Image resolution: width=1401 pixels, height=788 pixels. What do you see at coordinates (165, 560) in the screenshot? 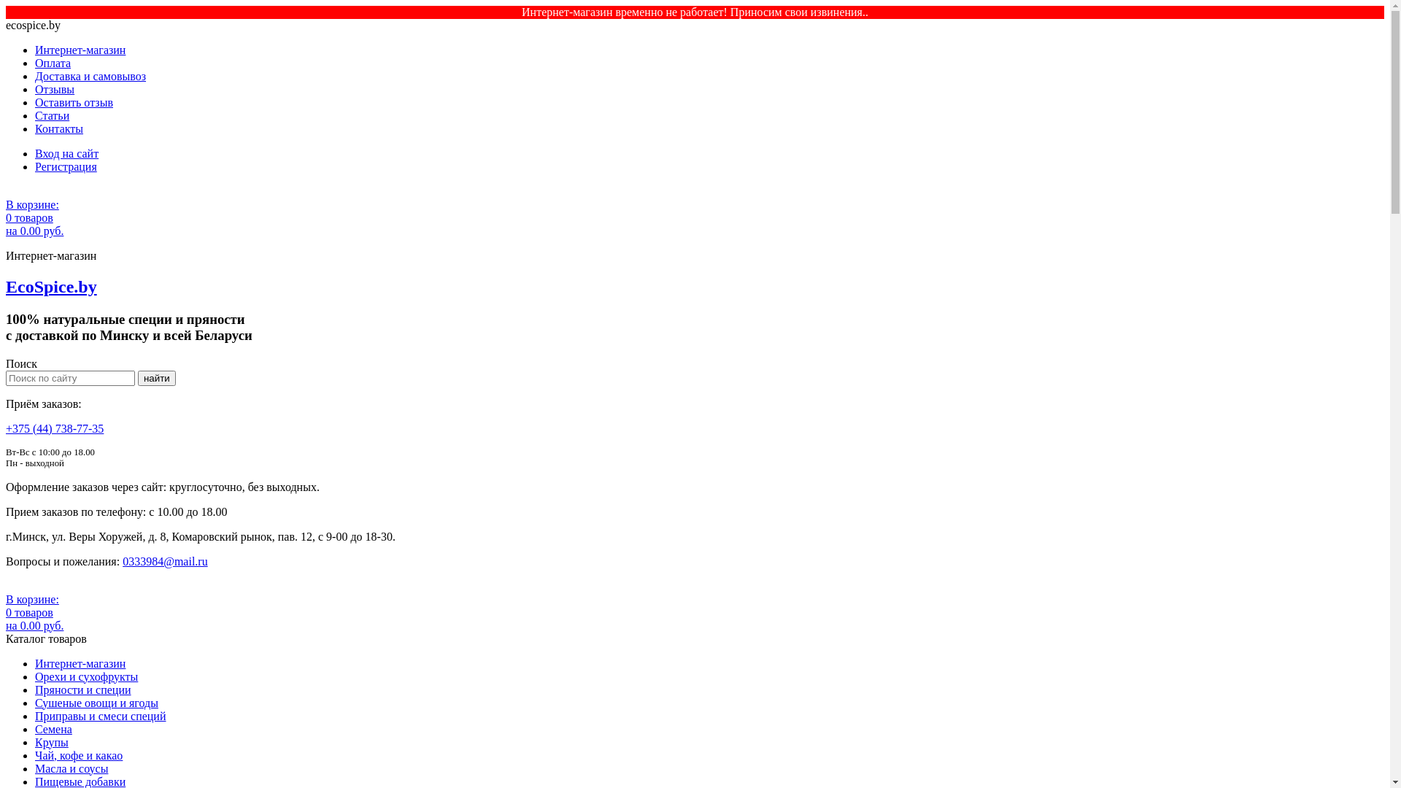
I see `'0333984@mail.ru'` at bounding box center [165, 560].